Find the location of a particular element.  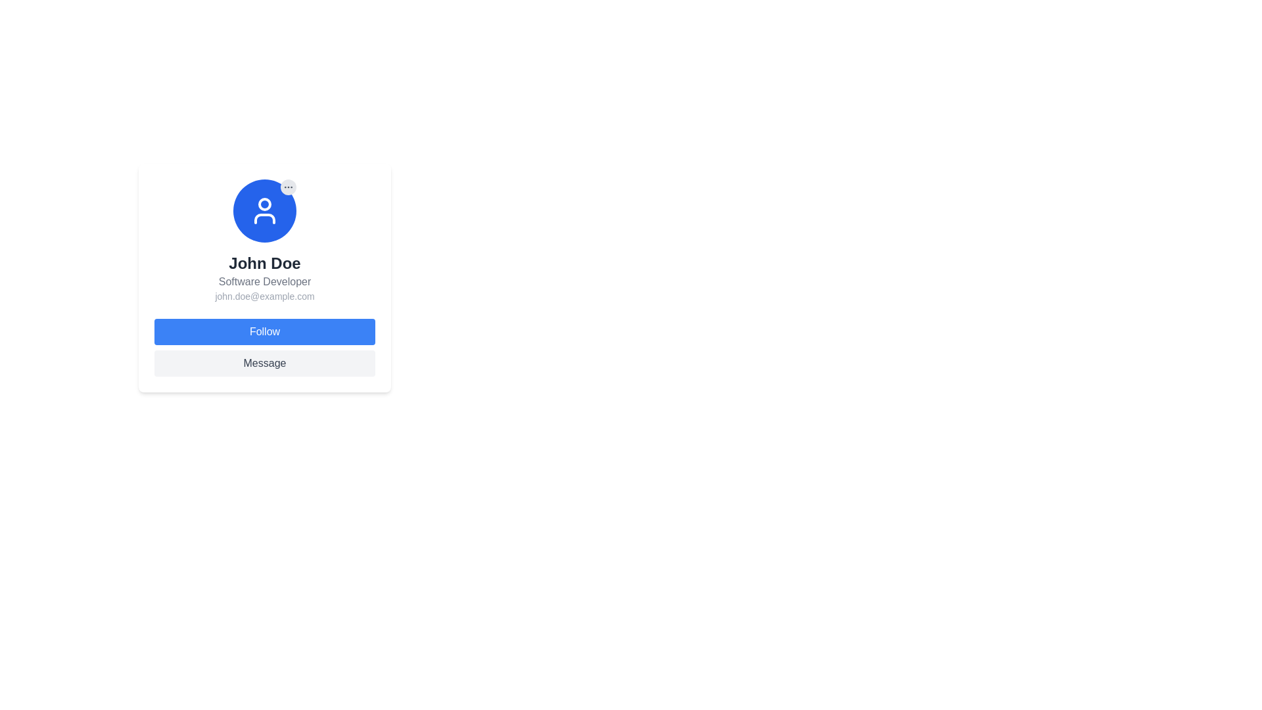

the user profile SVG icon located at the top center of the profile card, directly above the name 'John Doe' is located at coordinates (264, 210).